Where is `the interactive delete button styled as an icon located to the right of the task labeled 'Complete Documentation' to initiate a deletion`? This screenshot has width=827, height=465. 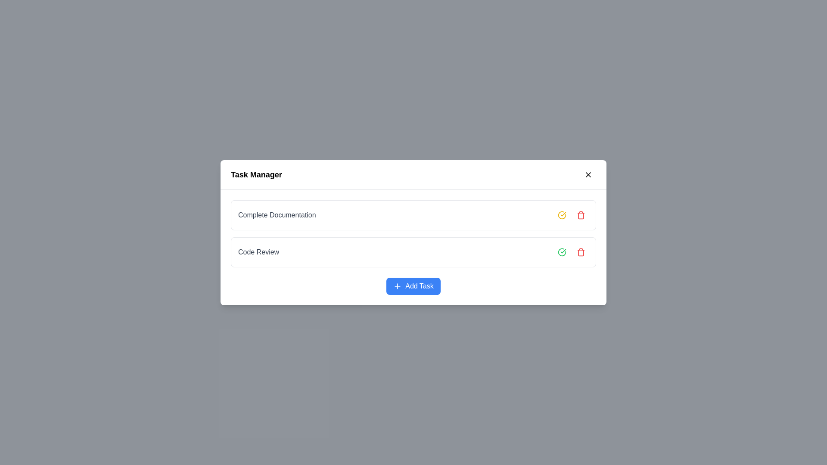 the interactive delete button styled as an icon located to the right of the task labeled 'Complete Documentation' to initiate a deletion is located at coordinates (573, 214).